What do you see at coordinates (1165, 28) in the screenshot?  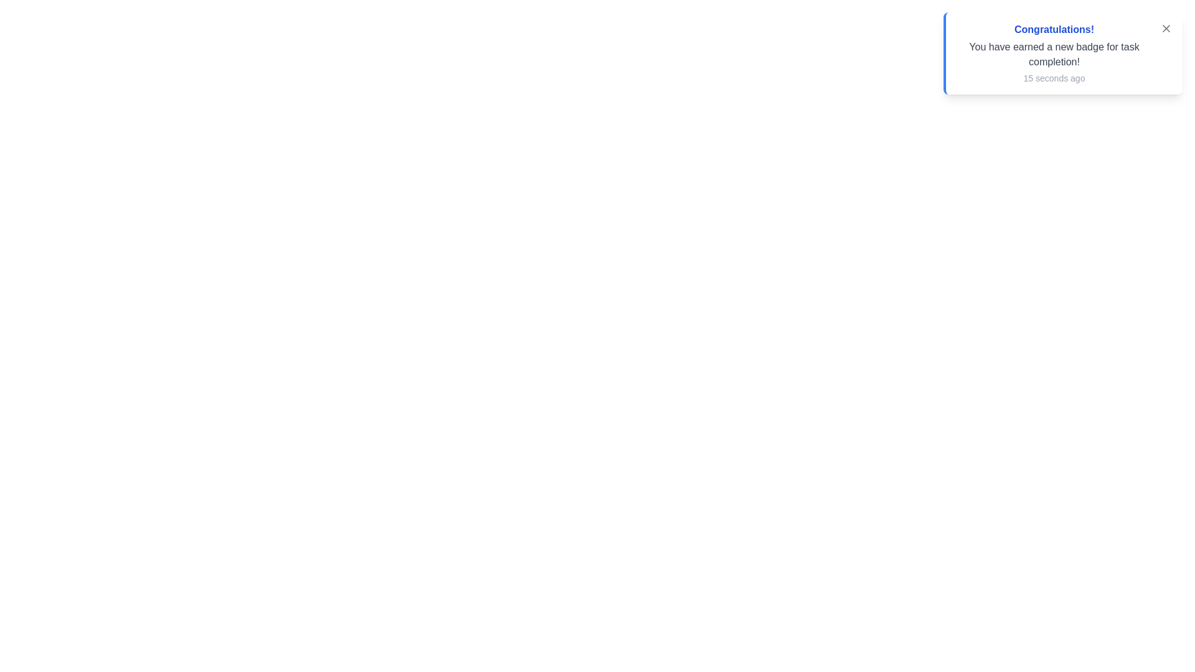 I see `the close button of the notification to dismiss it` at bounding box center [1165, 28].